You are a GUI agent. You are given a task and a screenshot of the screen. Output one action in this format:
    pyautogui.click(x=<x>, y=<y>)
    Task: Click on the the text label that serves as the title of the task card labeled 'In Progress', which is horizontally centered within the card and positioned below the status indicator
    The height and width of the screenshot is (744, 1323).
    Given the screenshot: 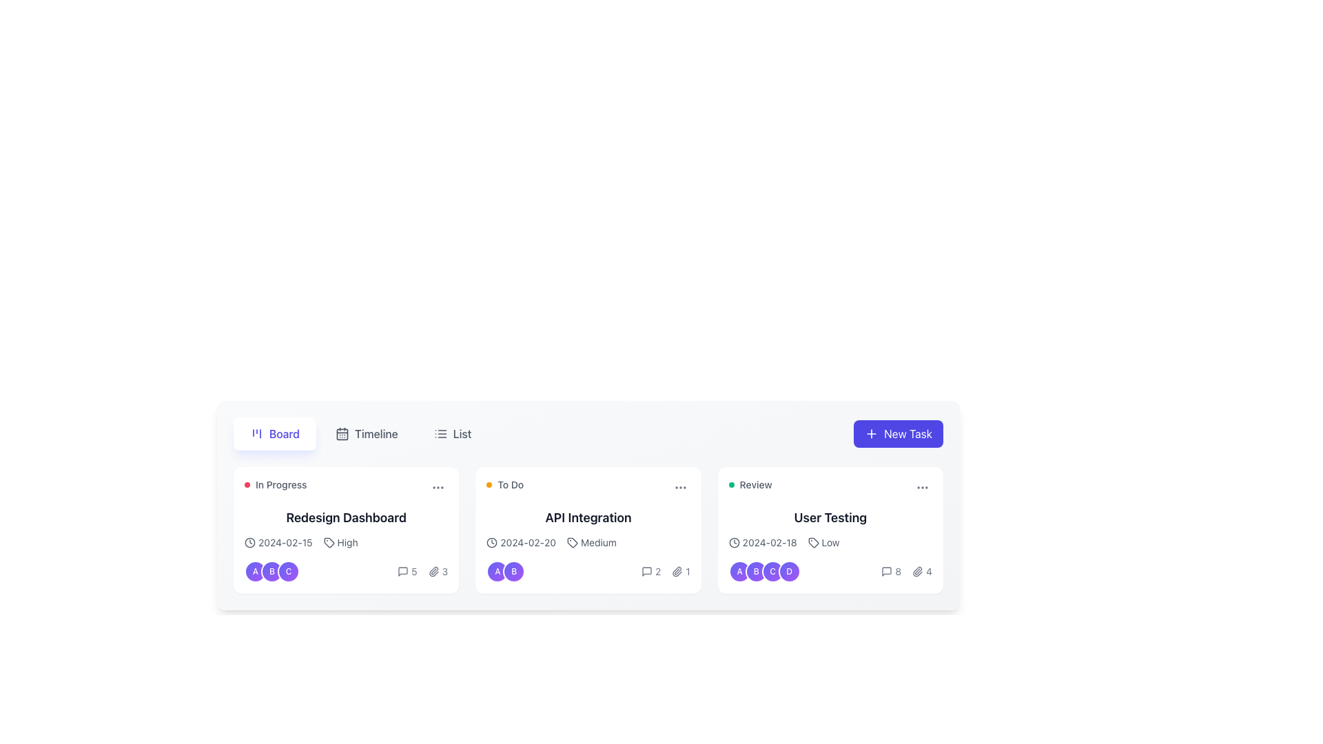 What is the action you would take?
    pyautogui.click(x=346, y=518)
    